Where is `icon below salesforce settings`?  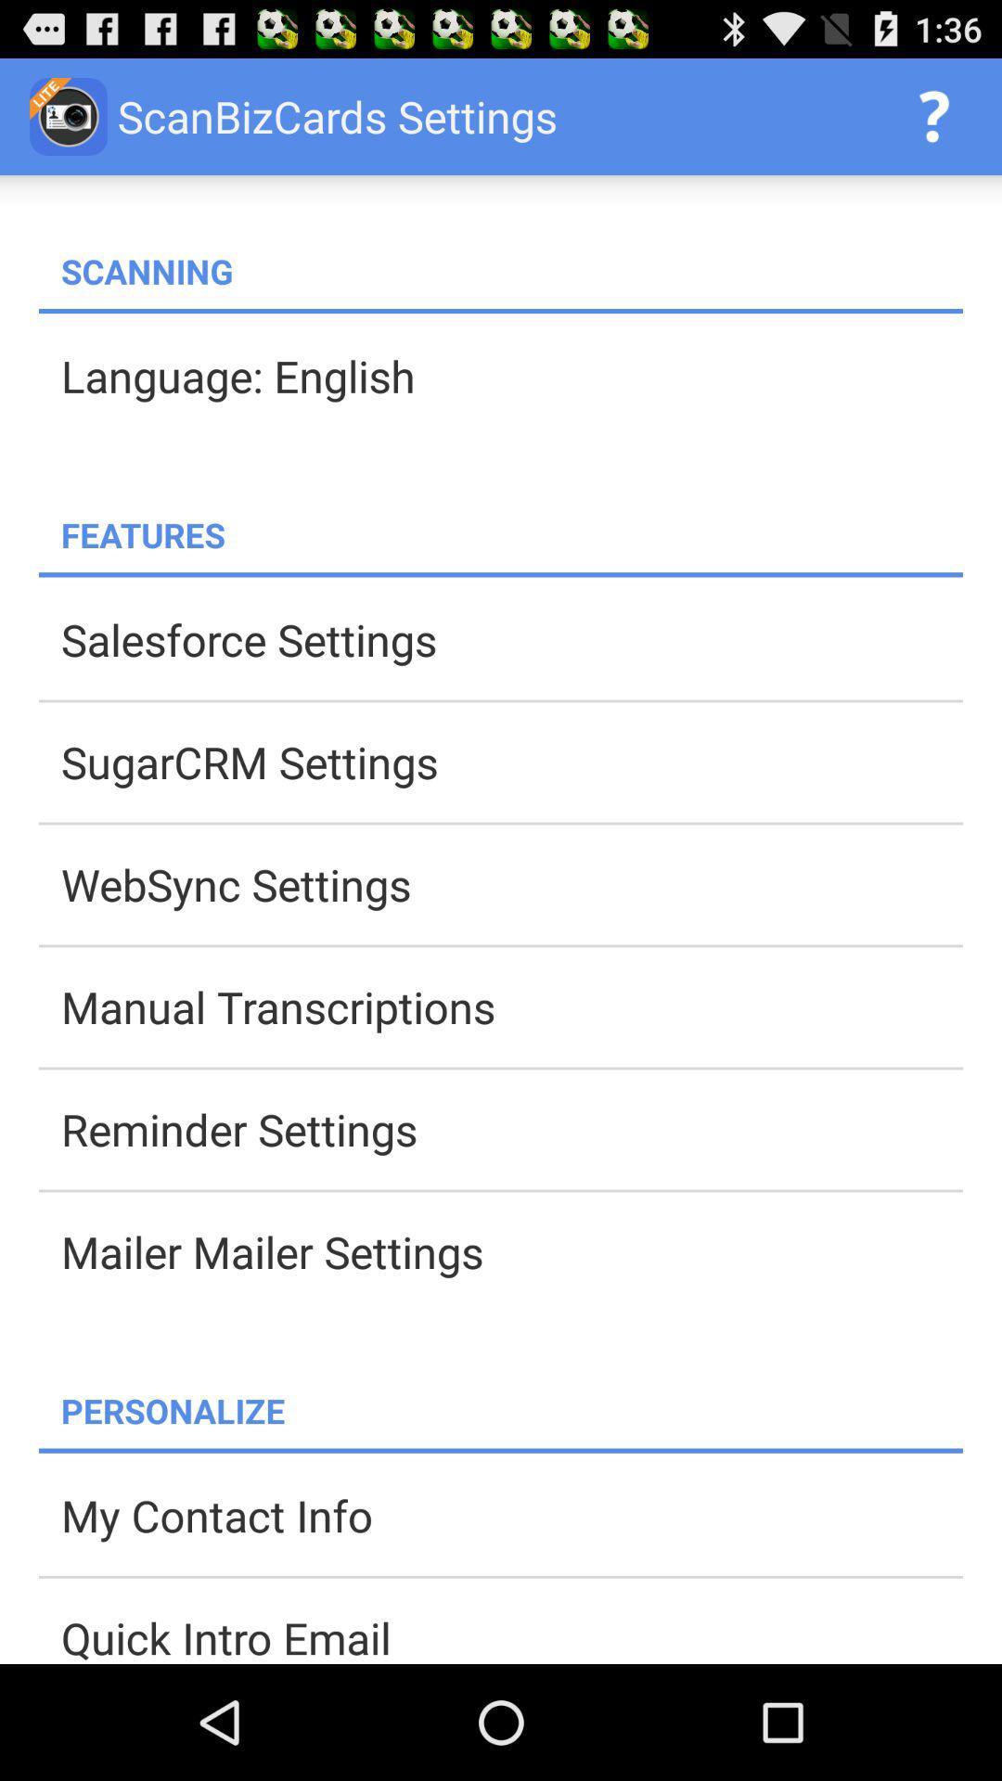 icon below salesforce settings is located at coordinates (511, 762).